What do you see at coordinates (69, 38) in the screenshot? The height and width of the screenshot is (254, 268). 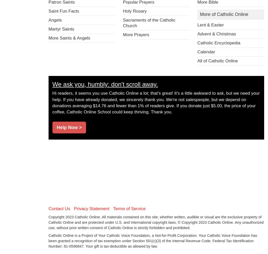 I see `'More Saints & Angels'` at bounding box center [69, 38].